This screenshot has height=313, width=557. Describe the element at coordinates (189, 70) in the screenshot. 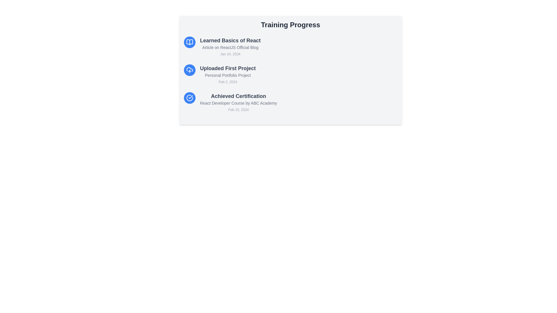

I see `the upload icon located to the left of the text 'Uploaded First Project' in the 'Training Progress' section, which is the second item in a vertical list` at that location.